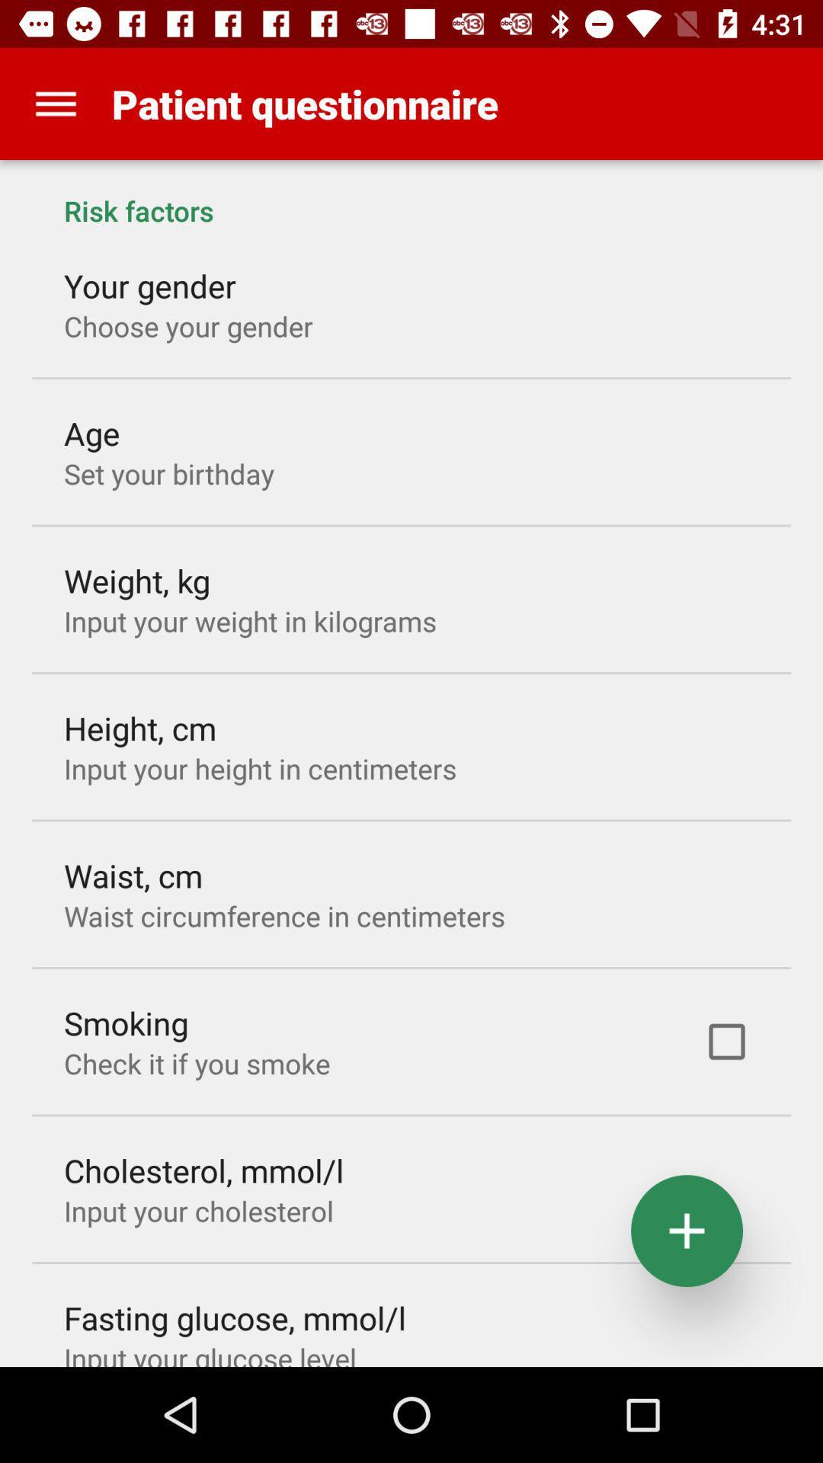 Image resolution: width=823 pixels, height=1463 pixels. What do you see at coordinates (235, 1317) in the screenshot?
I see `the item above input your glucose item` at bounding box center [235, 1317].